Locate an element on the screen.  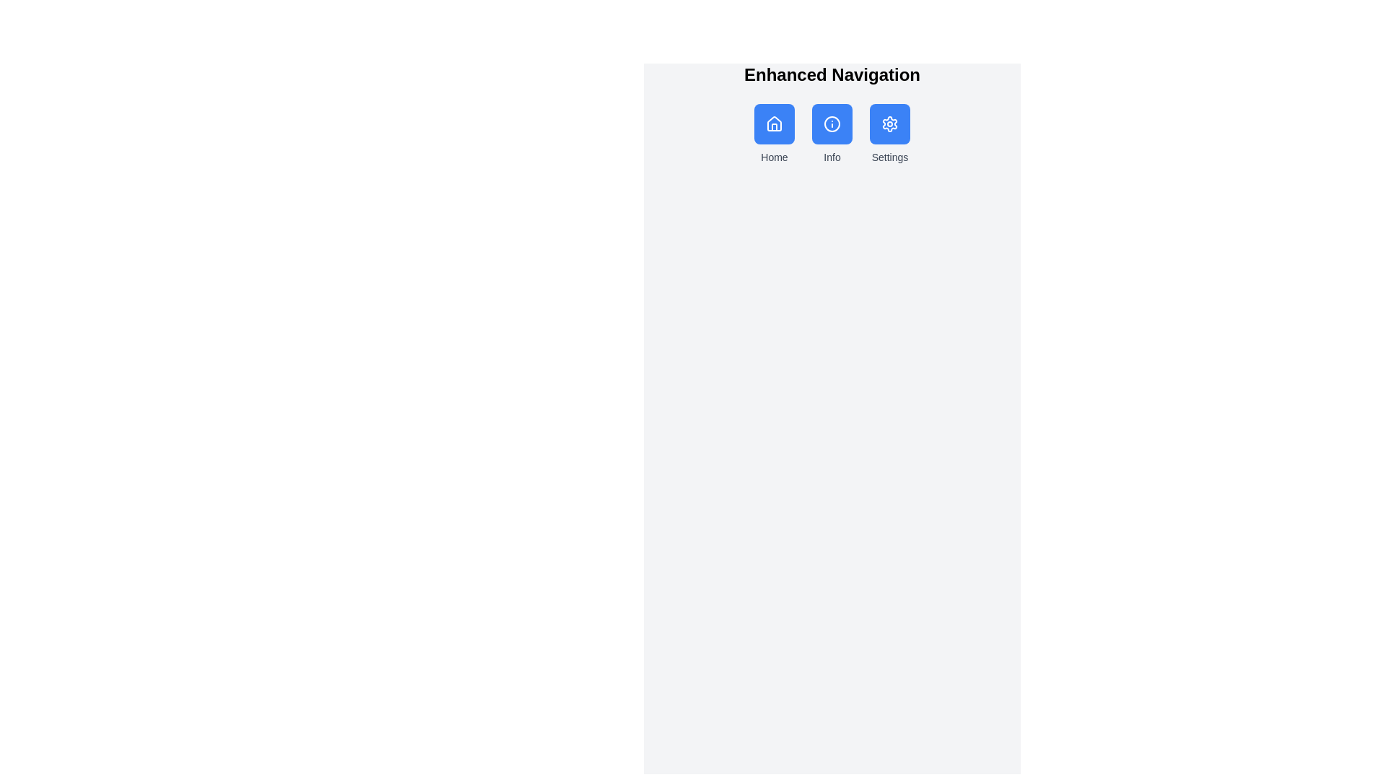
the decorative graphic icon representing the 'Settings' configurations, which is the rightmost icon in a sequence of three, contributing to the clickability of the 'Settings' button is located at coordinates (889, 123).